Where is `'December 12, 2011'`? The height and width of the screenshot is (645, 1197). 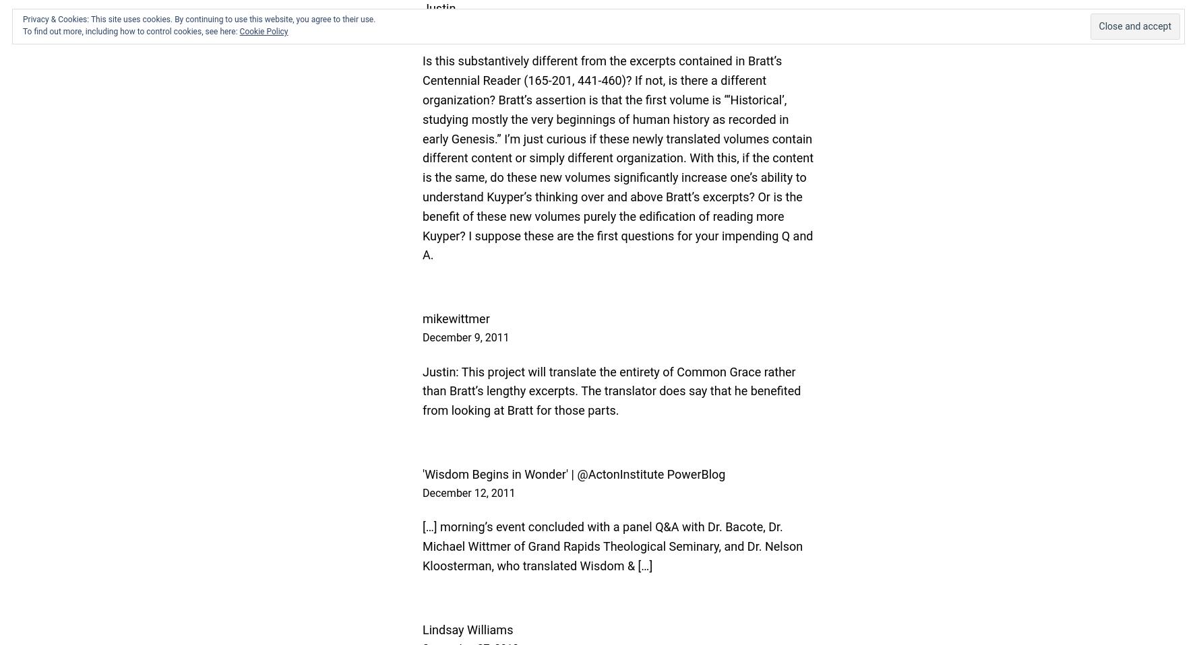 'December 12, 2011' is located at coordinates (468, 492).